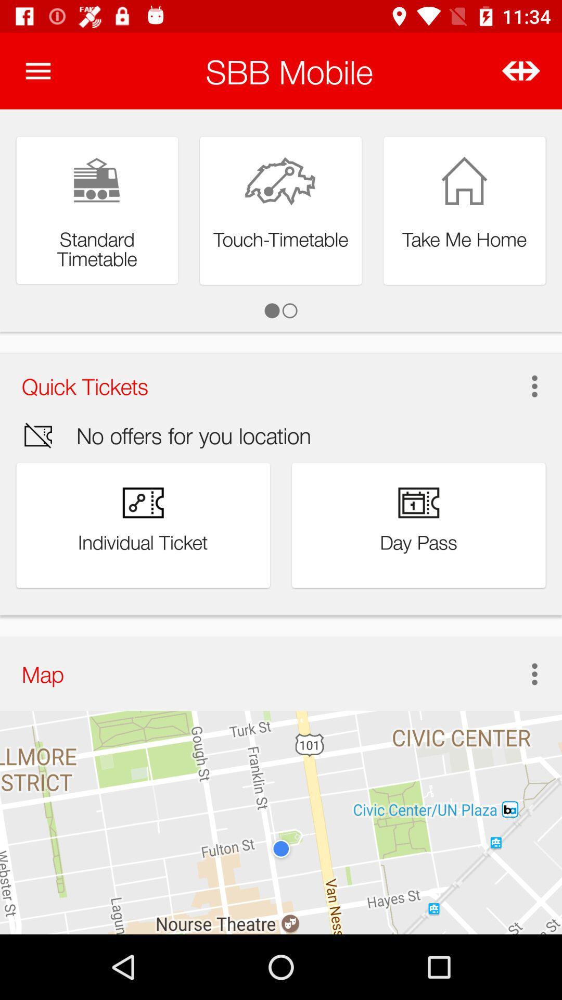  What do you see at coordinates (37, 70) in the screenshot?
I see `the item next to the sbb mobile item` at bounding box center [37, 70].